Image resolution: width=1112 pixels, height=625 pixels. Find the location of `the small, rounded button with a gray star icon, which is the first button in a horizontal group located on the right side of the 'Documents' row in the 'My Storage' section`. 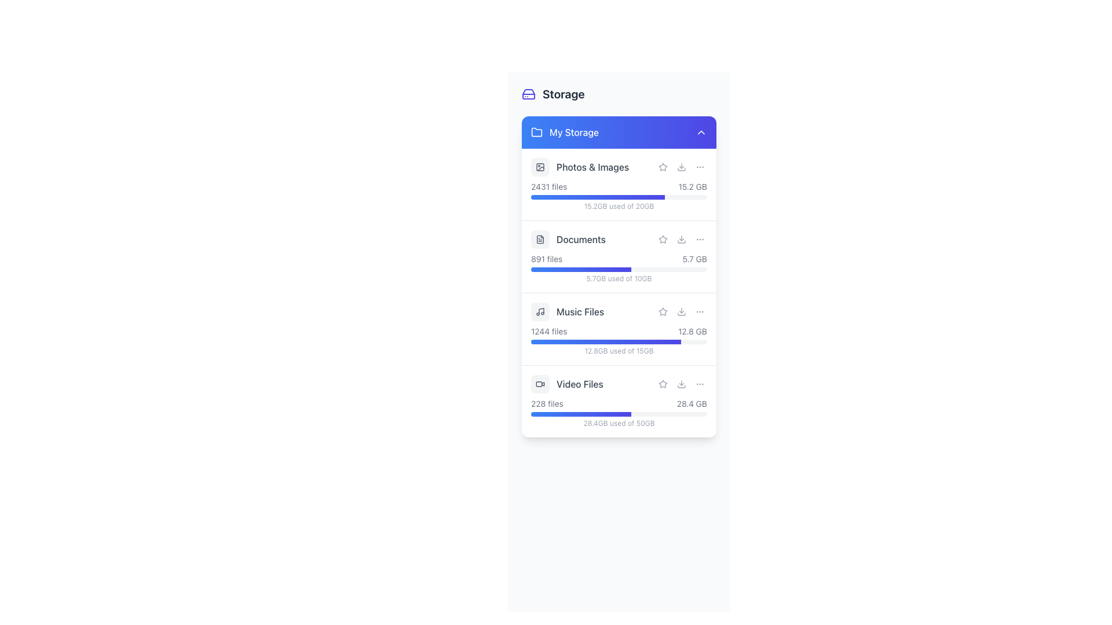

the small, rounded button with a gray star icon, which is the first button in a horizontal group located on the right side of the 'Documents' row in the 'My Storage' section is located at coordinates (663, 238).